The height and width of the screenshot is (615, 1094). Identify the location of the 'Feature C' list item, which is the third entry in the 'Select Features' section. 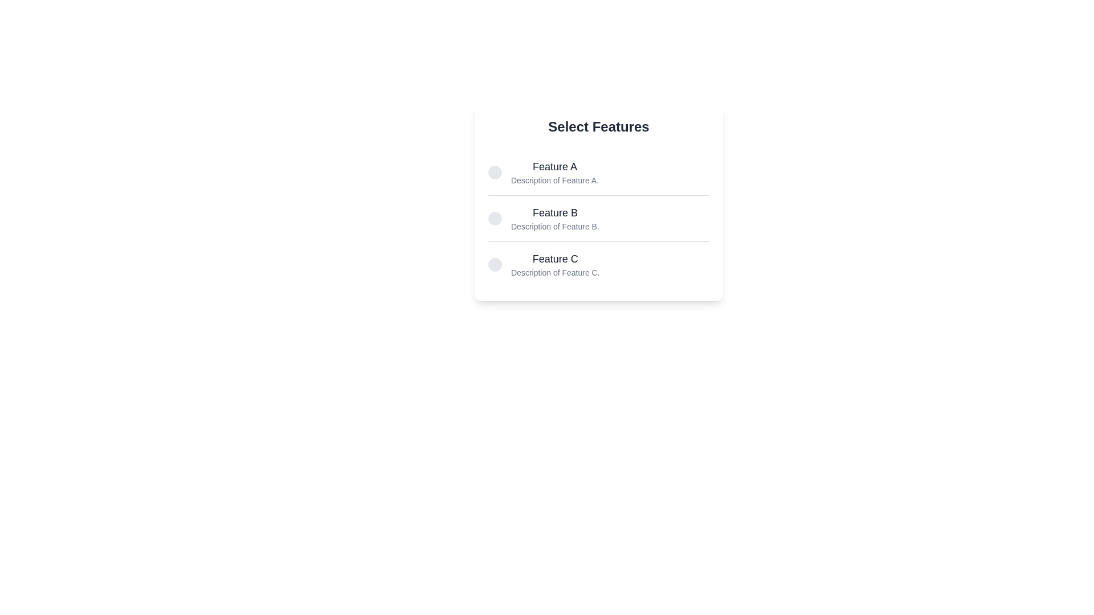
(598, 264).